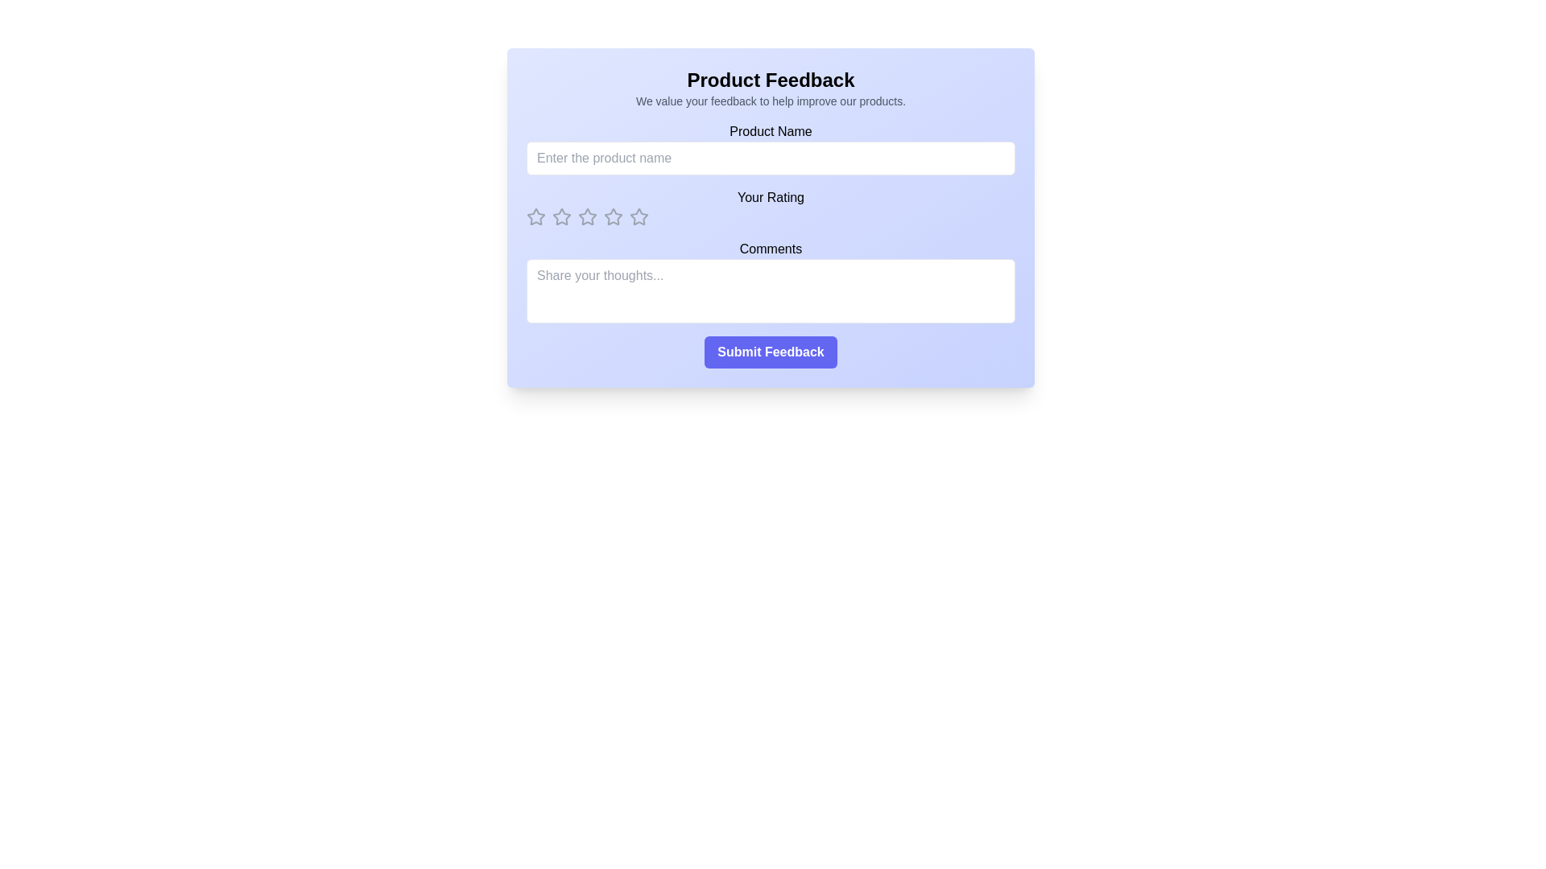 The width and height of the screenshot is (1546, 869). Describe the element at coordinates (770, 249) in the screenshot. I see `text label displaying 'Comments' located at the top of the form layout, above the textarea field` at that location.